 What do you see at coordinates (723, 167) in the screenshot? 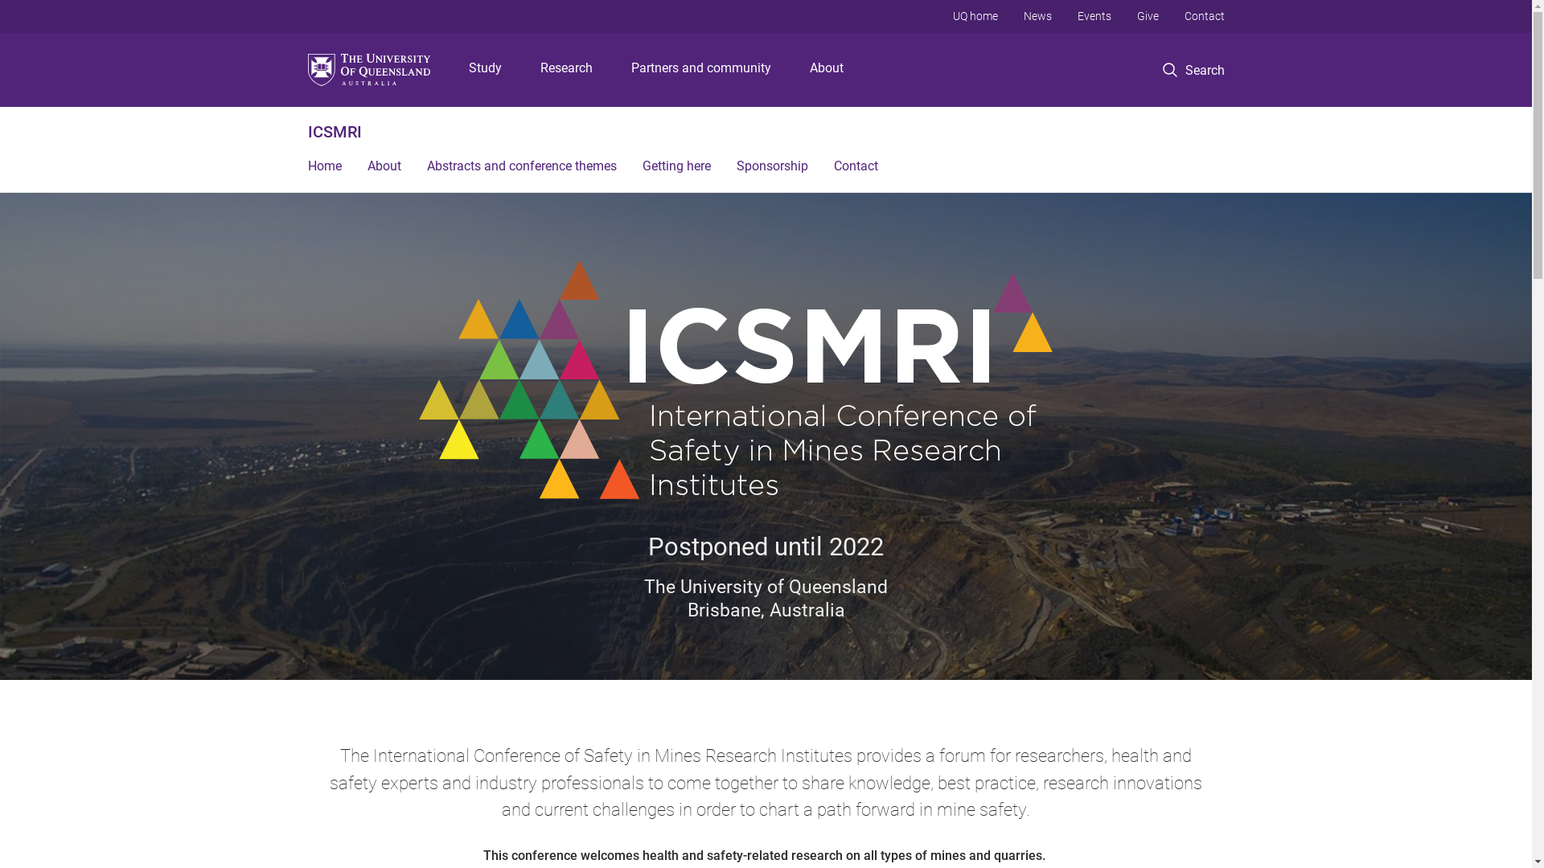
I see `'Sponsorship'` at bounding box center [723, 167].